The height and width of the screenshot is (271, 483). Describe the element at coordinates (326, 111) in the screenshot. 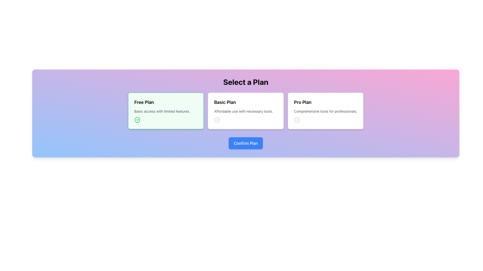

I see `the 'Pro Plan' card, which is a rectangular card with bold text and a detailed description, positioned at the rightmost side of a group of three cards` at that location.